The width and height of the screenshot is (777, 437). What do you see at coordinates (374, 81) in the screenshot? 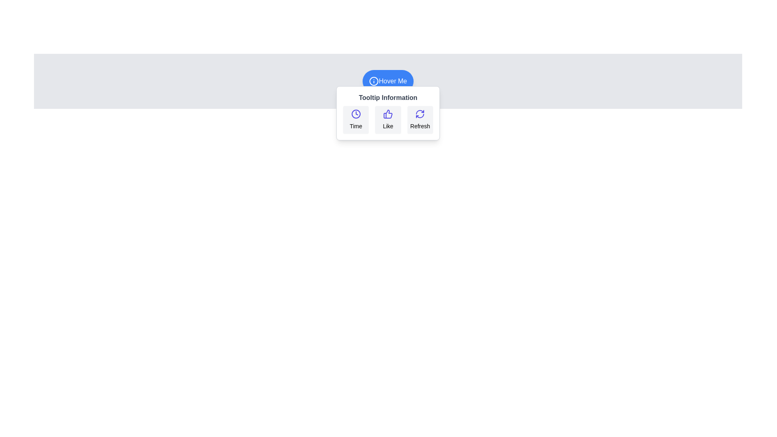
I see `the decorative icon located within the 'Hover Me' button, positioned at the top-center of the interface, to convey additional context or information regarding the button's purpose` at bounding box center [374, 81].